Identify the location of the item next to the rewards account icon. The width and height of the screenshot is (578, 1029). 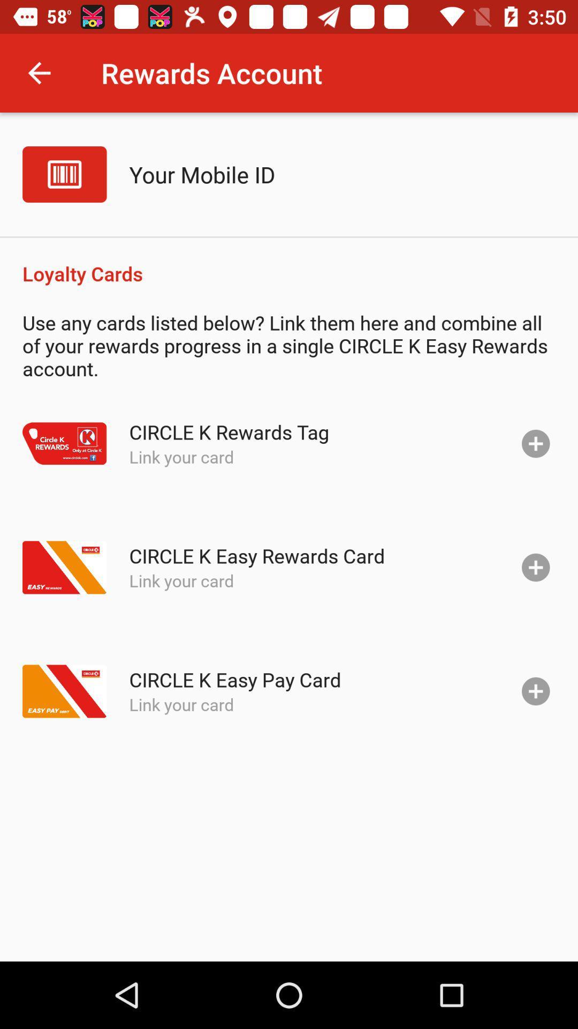
(39, 72).